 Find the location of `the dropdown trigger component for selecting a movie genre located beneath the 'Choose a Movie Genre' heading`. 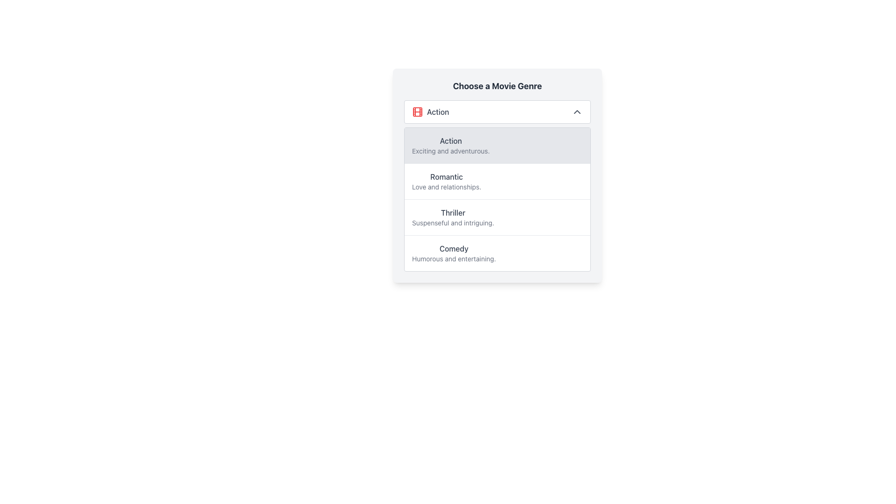

the dropdown trigger component for selecting a movie genre located beneath the 'Choose a Movie Genre' heading is located at coordinates (497, 111).